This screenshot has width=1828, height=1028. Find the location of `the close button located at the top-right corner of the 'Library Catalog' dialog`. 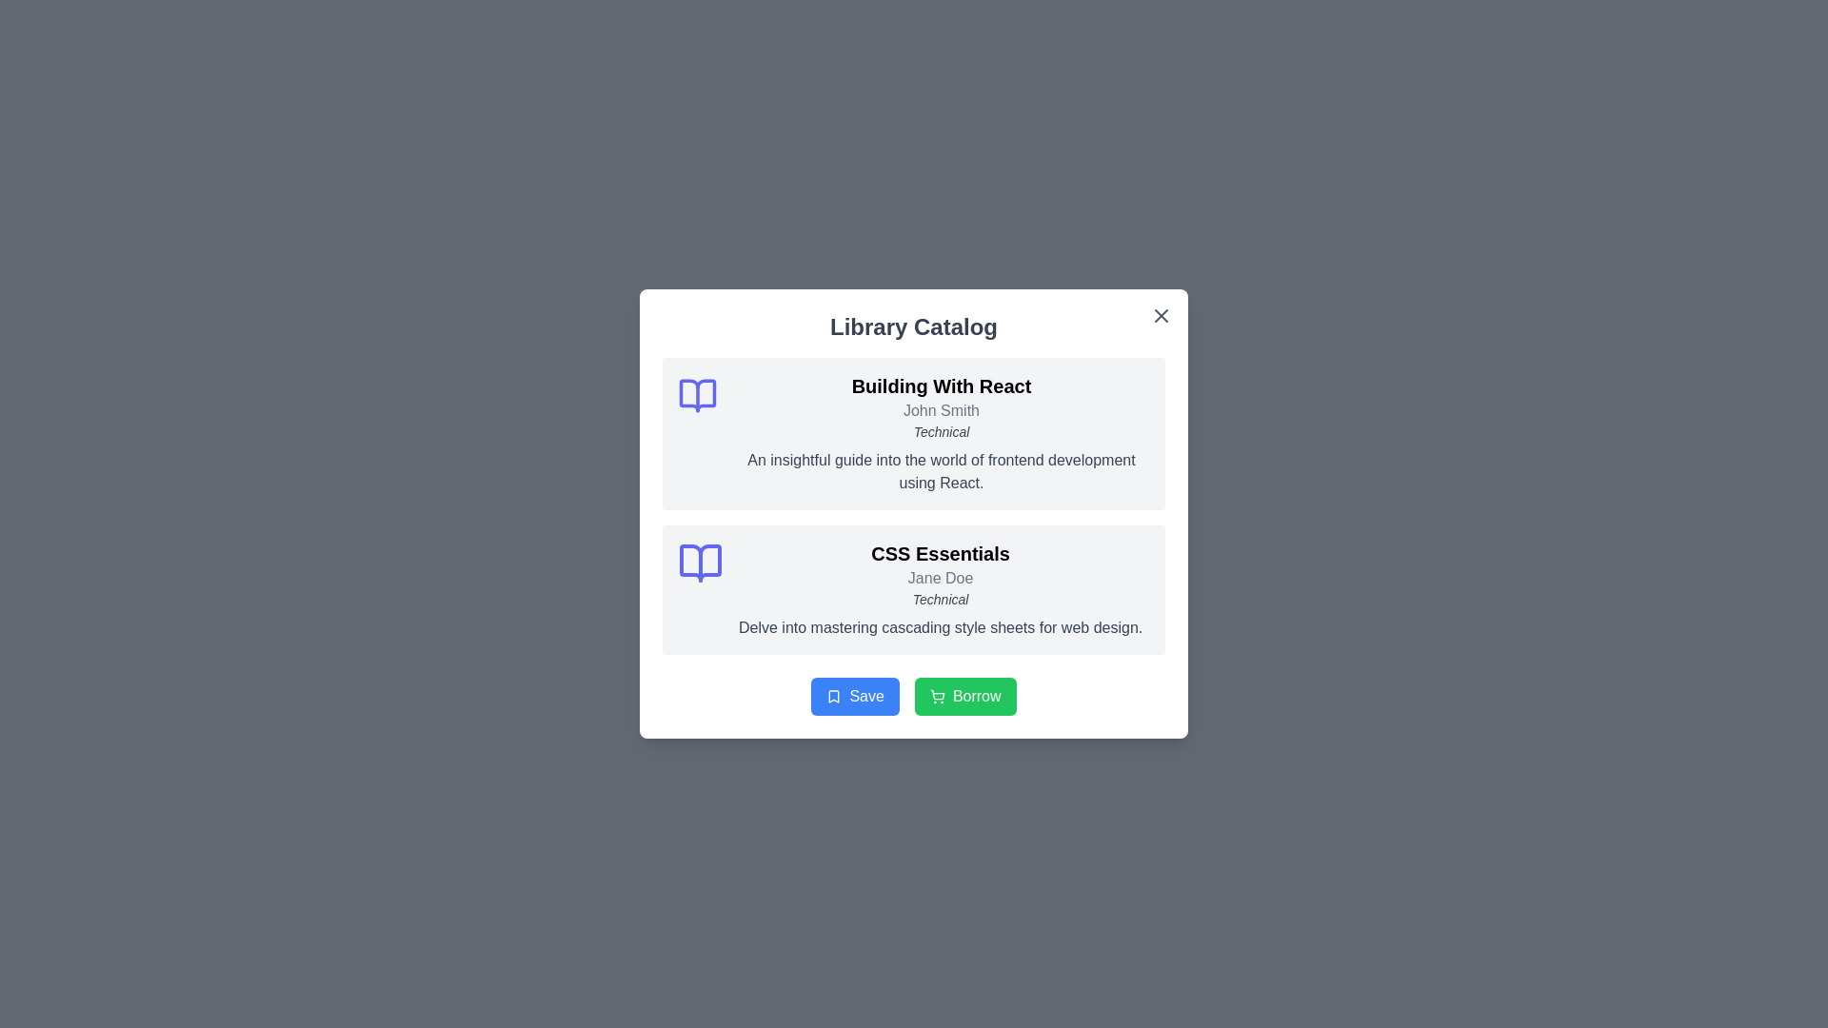

the close button located at the top-right corner of the 'Library Catalog' dialog is located at coordinates (1160, 314).